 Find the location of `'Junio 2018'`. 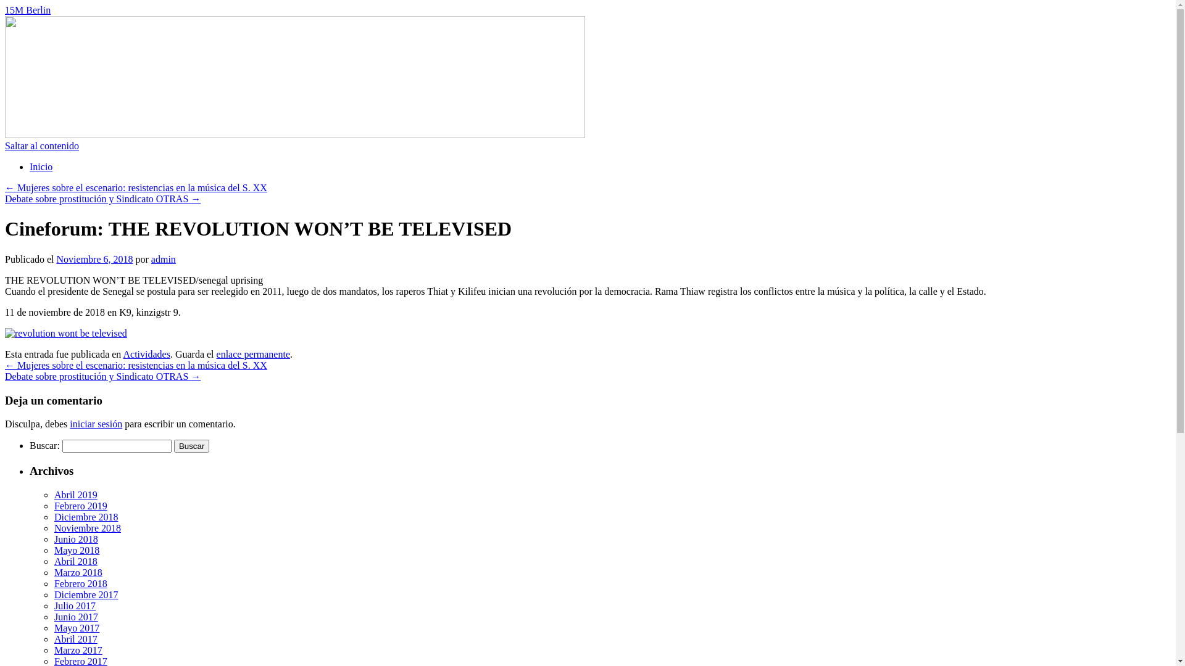

'Junio 2018' is located at coordinates (53, 538).